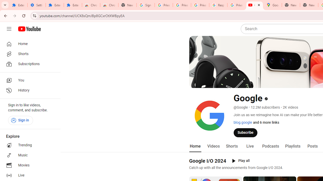  What do you see at coordinates (266, 122) in the screenshot?
I see `'and 6 more links'` at bounding box center [266, 122].